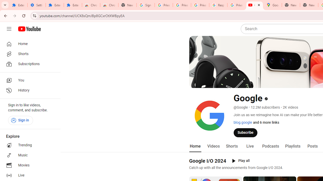  What do you see at coordinates (266, 122) in the screenshot?
I see `'and 6 more links'` at bounding box center [266, 122].